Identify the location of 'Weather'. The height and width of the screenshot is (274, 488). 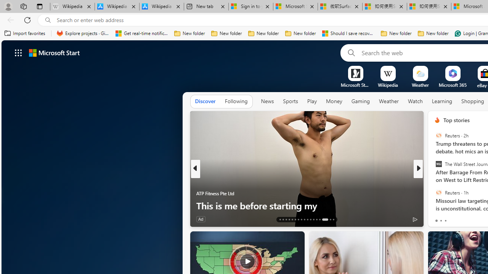
(389, 101).